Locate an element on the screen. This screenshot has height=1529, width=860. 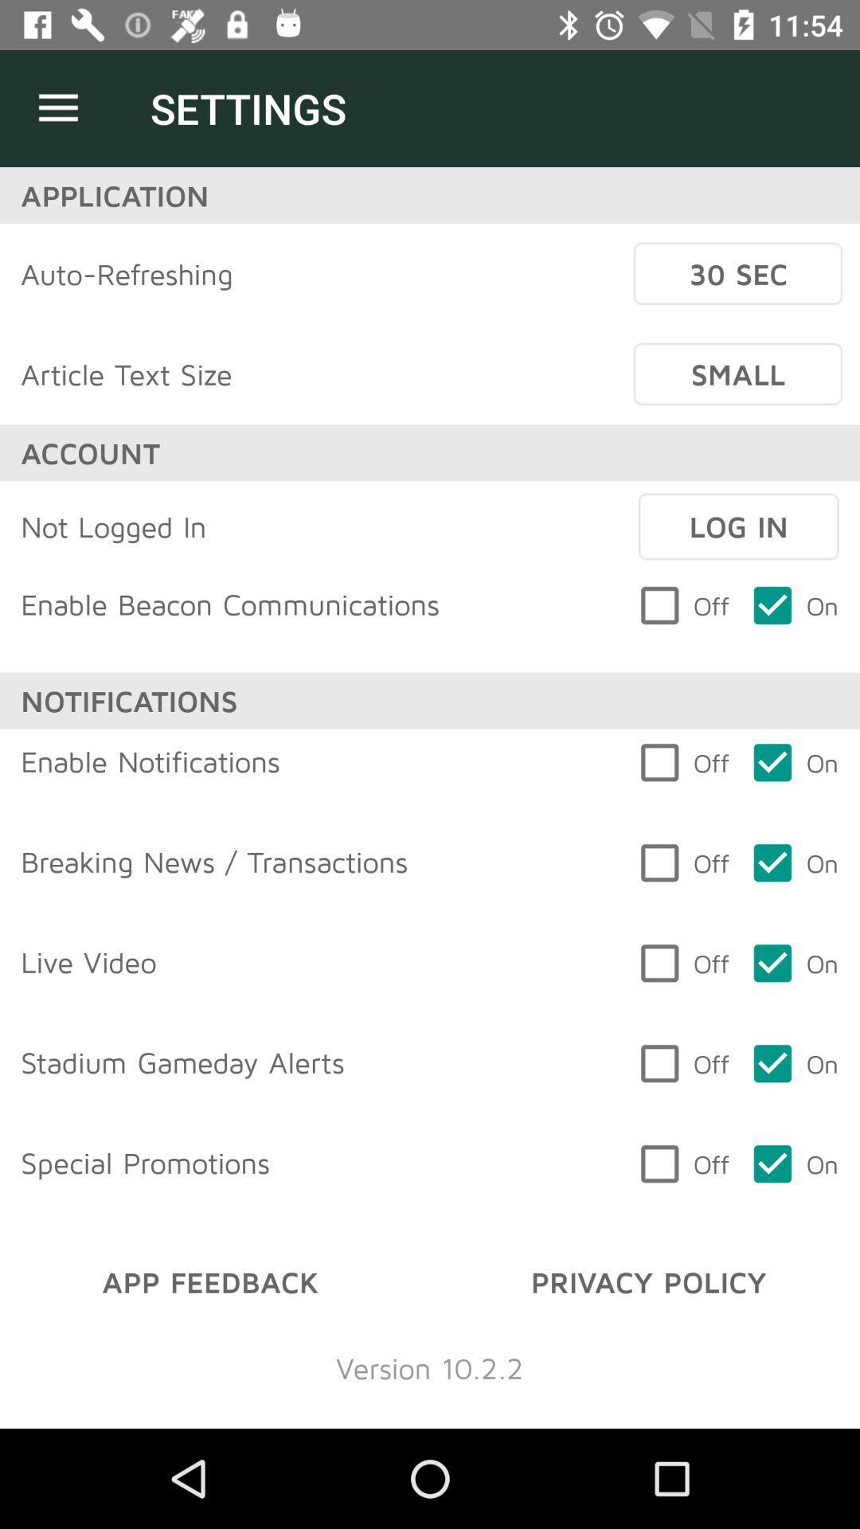
item above off item is located at coordinates (738, 526).